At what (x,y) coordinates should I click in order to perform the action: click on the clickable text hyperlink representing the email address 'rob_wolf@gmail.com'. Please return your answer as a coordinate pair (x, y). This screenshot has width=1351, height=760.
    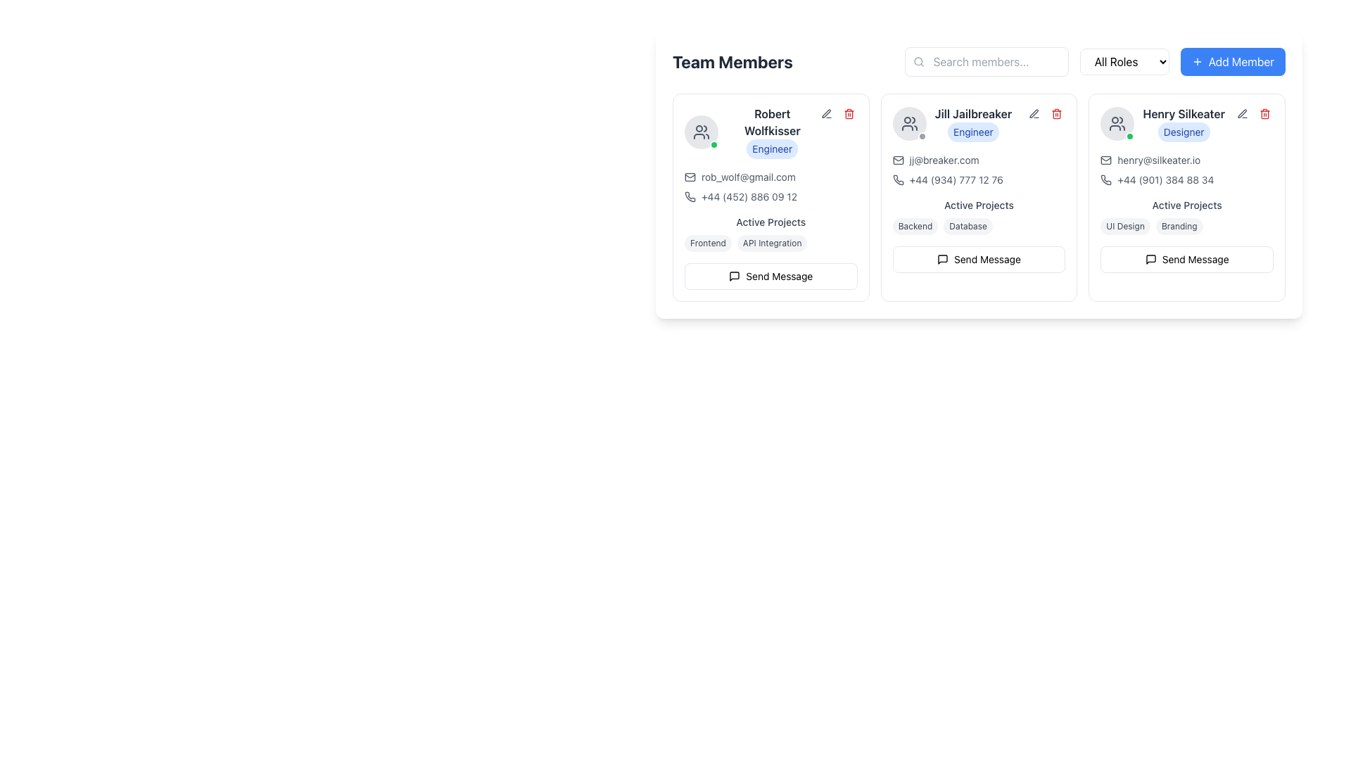
    Looking at the image, I should click on (770, 176).